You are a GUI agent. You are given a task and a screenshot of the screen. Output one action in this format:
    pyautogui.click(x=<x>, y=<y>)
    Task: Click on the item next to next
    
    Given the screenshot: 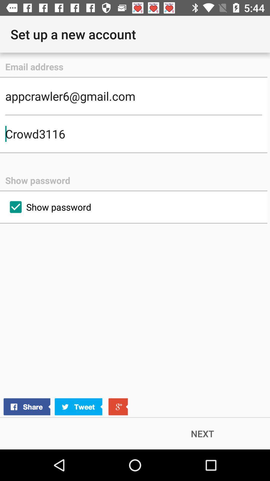 What is the action you would take?
    pyautogui.click(x=65, y=407)
    